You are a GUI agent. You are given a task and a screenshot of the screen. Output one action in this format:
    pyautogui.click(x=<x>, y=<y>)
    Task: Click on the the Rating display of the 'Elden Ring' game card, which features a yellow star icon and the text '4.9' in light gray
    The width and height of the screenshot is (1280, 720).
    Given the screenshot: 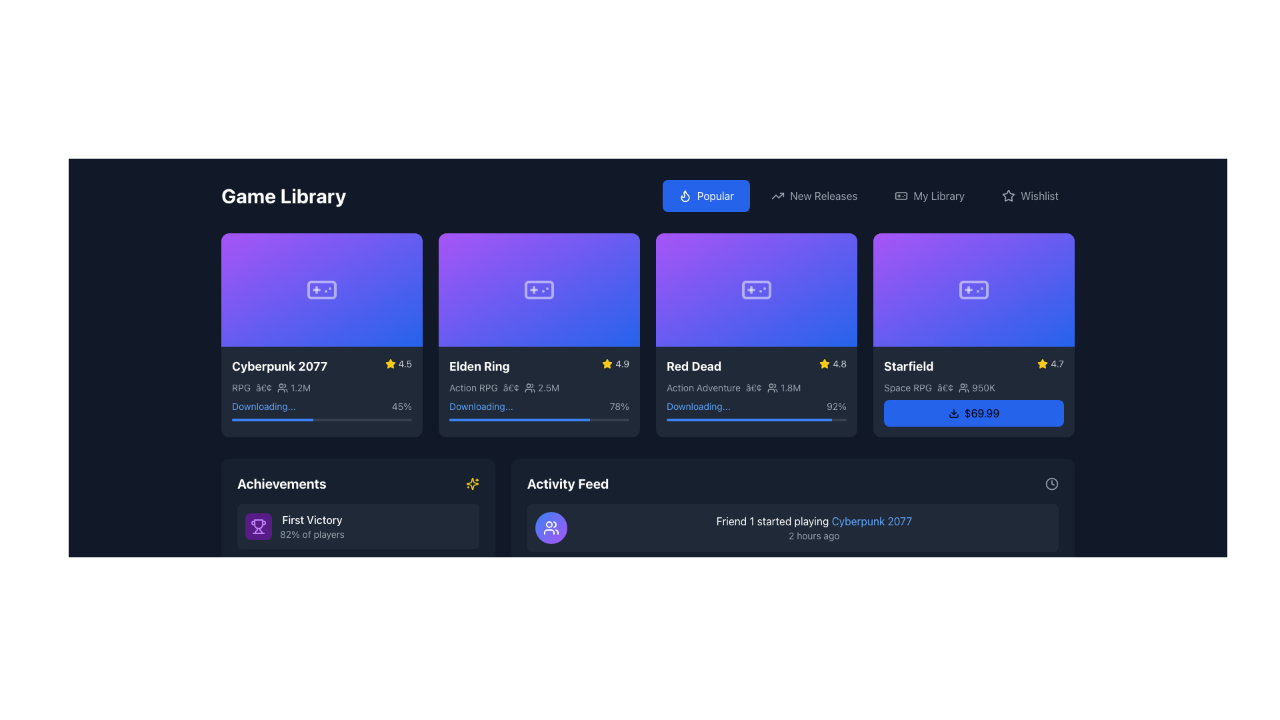 What is the action you would take?
    pyautogui.click(x=615, y=363)
    